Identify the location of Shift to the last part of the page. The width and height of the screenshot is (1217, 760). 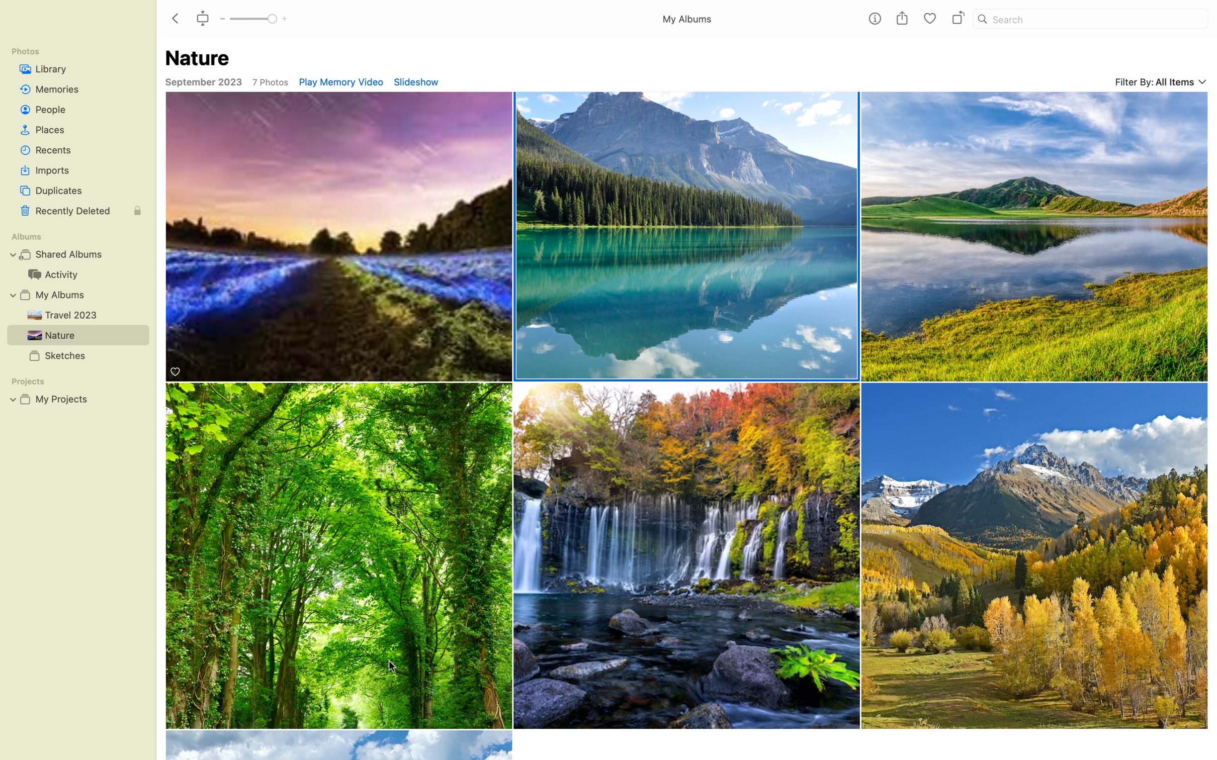
(2311083, 895280).